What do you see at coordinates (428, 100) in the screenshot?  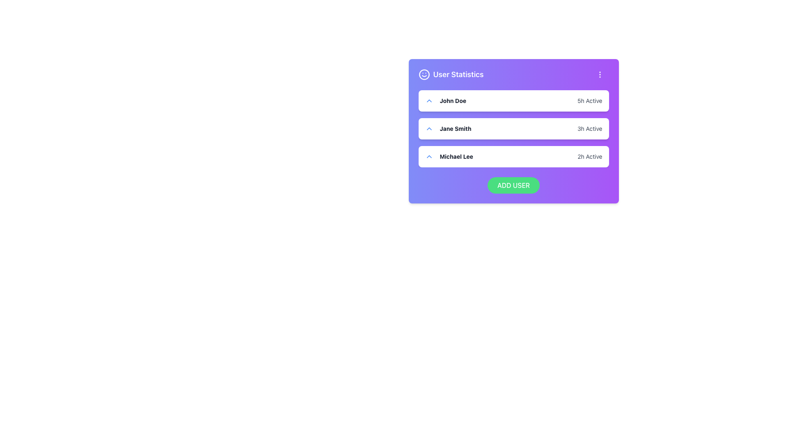 I see `the upward-pointing blue chevron icon located to the left of 'John Doe' to interact with the collapse/expand functionality` at bounding box center [428, 100].